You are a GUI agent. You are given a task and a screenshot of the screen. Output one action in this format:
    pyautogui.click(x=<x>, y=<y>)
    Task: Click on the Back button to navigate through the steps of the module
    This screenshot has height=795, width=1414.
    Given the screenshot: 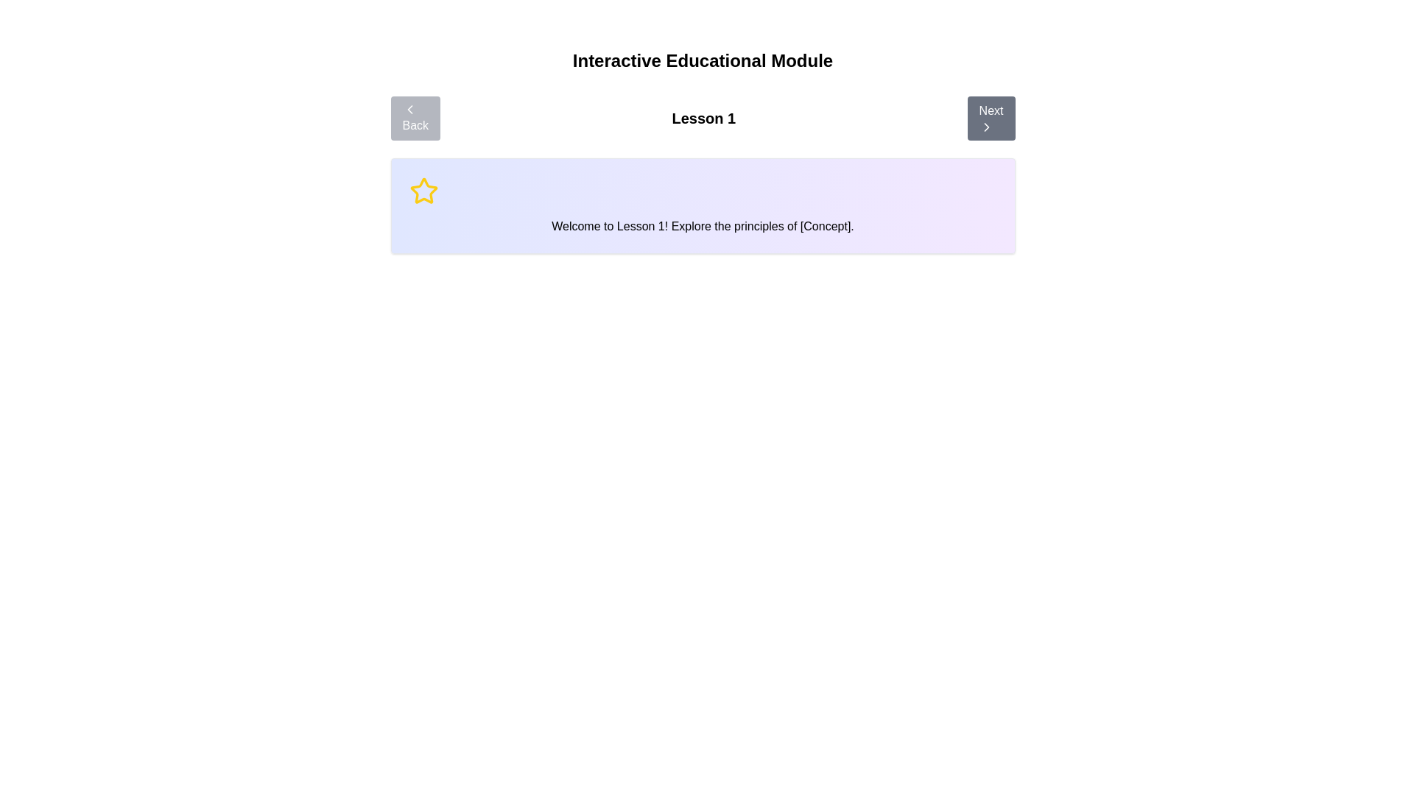 What is the action you would take?
    pyautogui.click(x=415, y=118)
    